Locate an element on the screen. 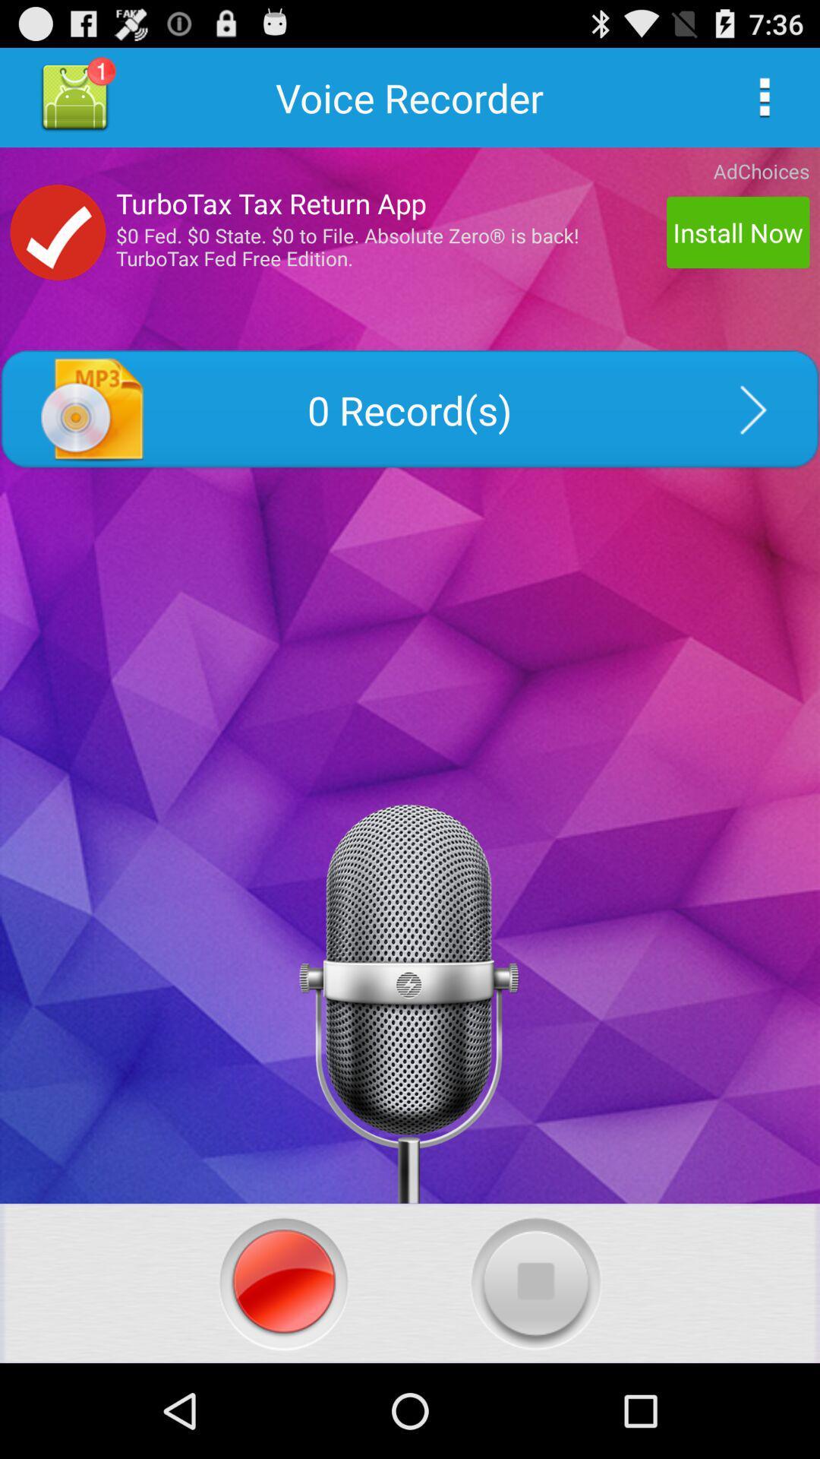 The width and height of the screenshot is (820, 1459). stop recording is located at coordinates (535, 1283).